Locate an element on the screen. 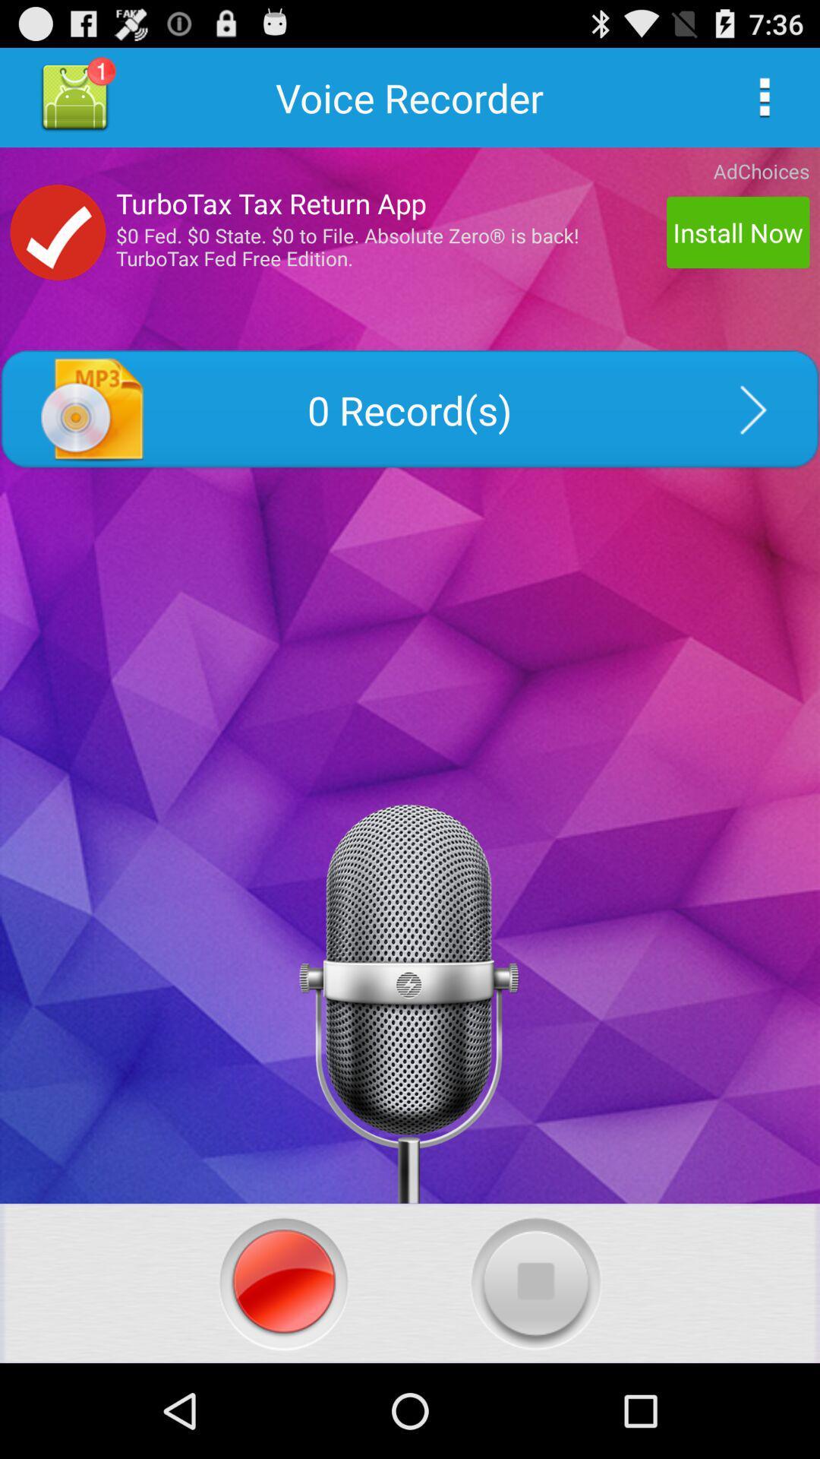 The width and height of the screenshot is (820, 1459). stop recording is located at coordinates (535, 1283).